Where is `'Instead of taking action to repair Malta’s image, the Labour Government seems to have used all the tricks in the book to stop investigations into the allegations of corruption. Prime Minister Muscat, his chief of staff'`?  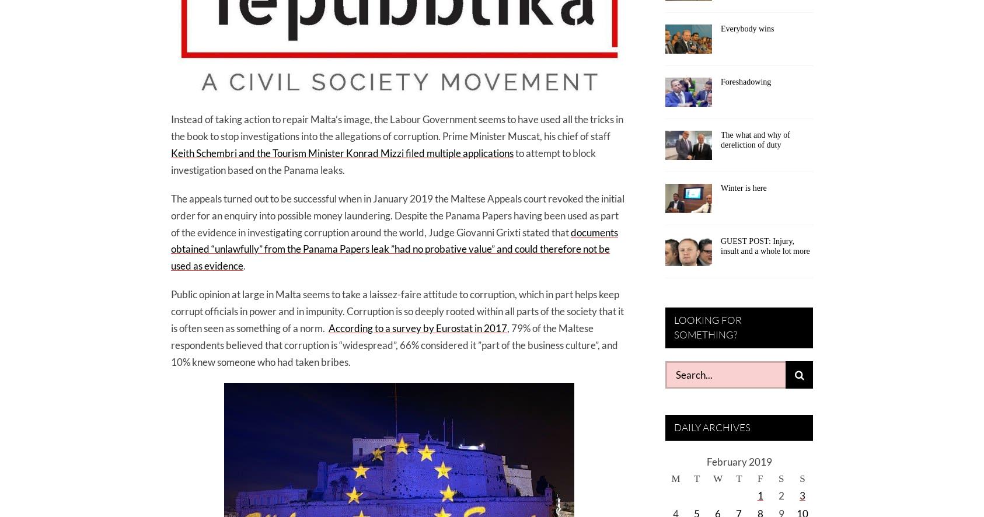 'Instead of taking action to repair Malta’s image, the Labour Government seems to have used all the tricks in the book to stop investigations into the allegations of corruption. Prime Minister Muscat, his chief of staff' is located at coordinates (396, 128).